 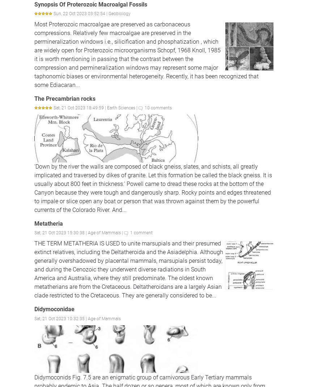 What do you see at coordinates (146, 54) in the screenshot?
I see `'Most Proterozoic macroalgae are preserved as carbonaceous compressions. Relatively few macroalgae are preserved in the permineralization windows i.e., silicification and phosphatization , which are widely open for Proterozoic microorganisms Schopf, 1968 Knoll, 1985 it is worth mentioning in passing that the contrast between the compression and permineralization windows may represent some major taphonomic biases or environmental heterogeneity. Recently, it has been recognized that some Ediacaran...'` at bounding box center [146, 54].